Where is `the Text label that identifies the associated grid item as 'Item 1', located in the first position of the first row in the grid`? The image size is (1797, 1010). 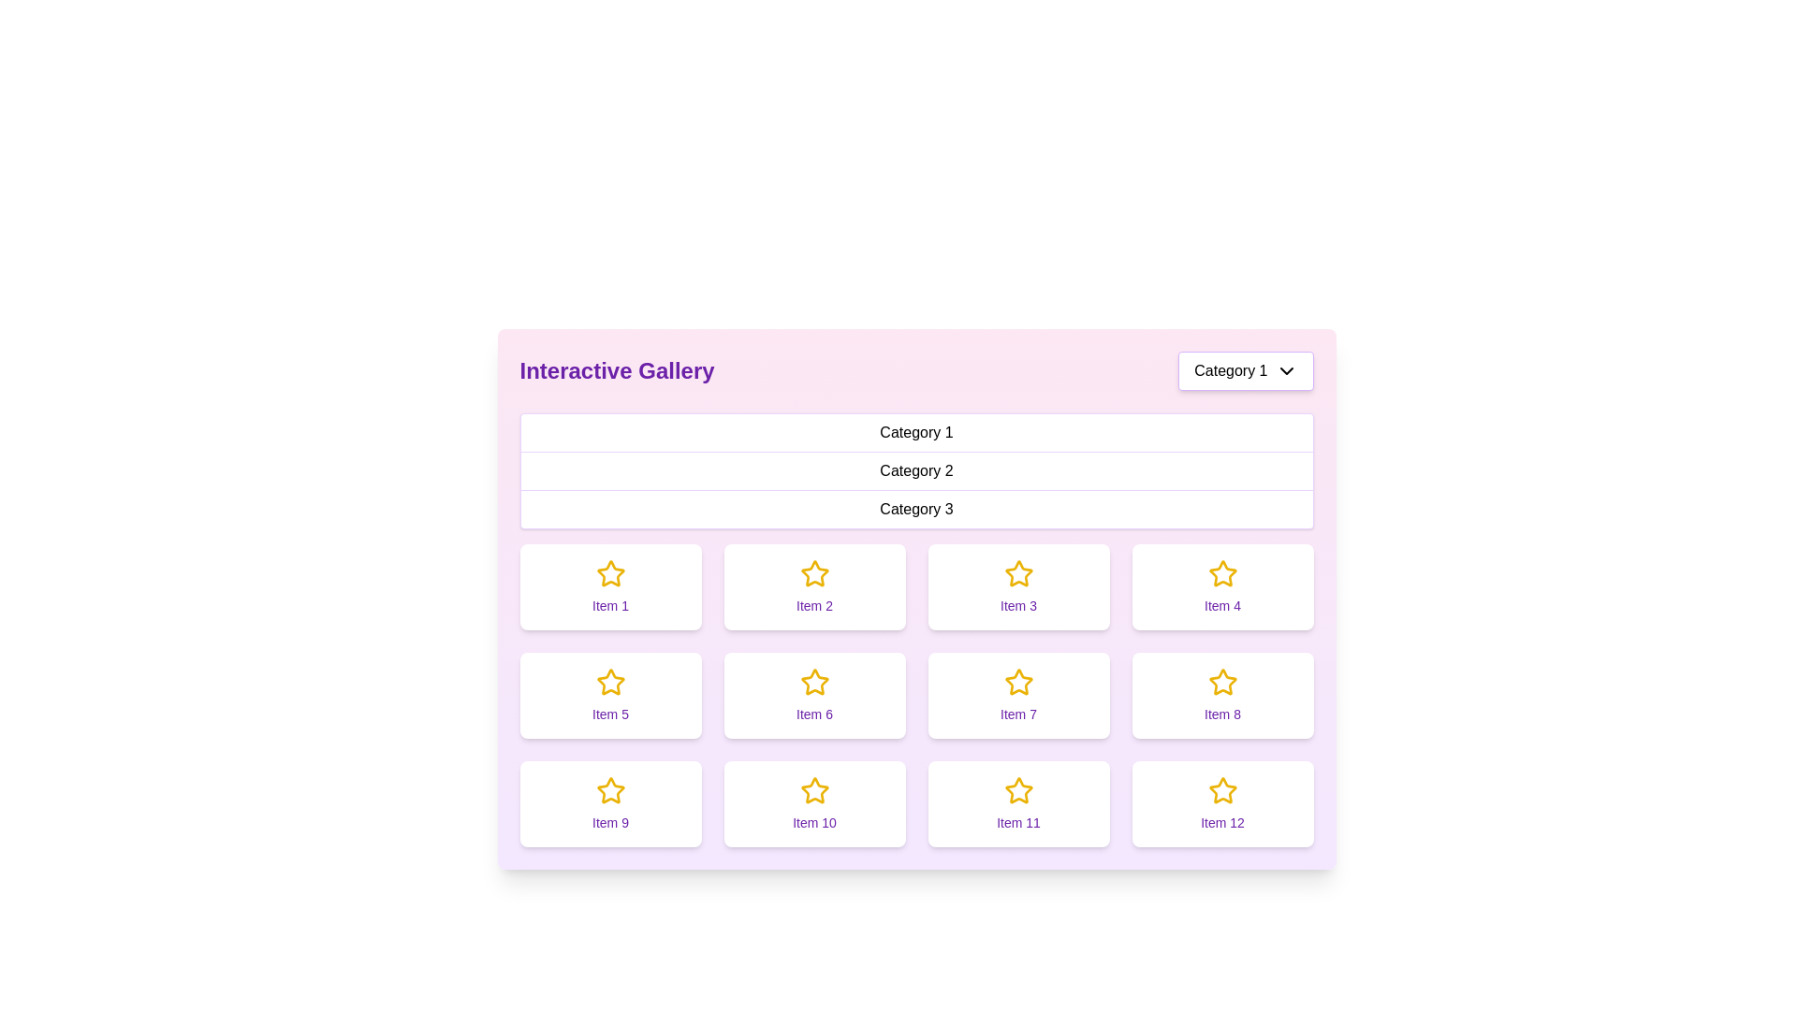 the Text label that identifies the associated grid item as 'Item 1', located in the first position of the first row in the grid is located at coordinates (610, 606).